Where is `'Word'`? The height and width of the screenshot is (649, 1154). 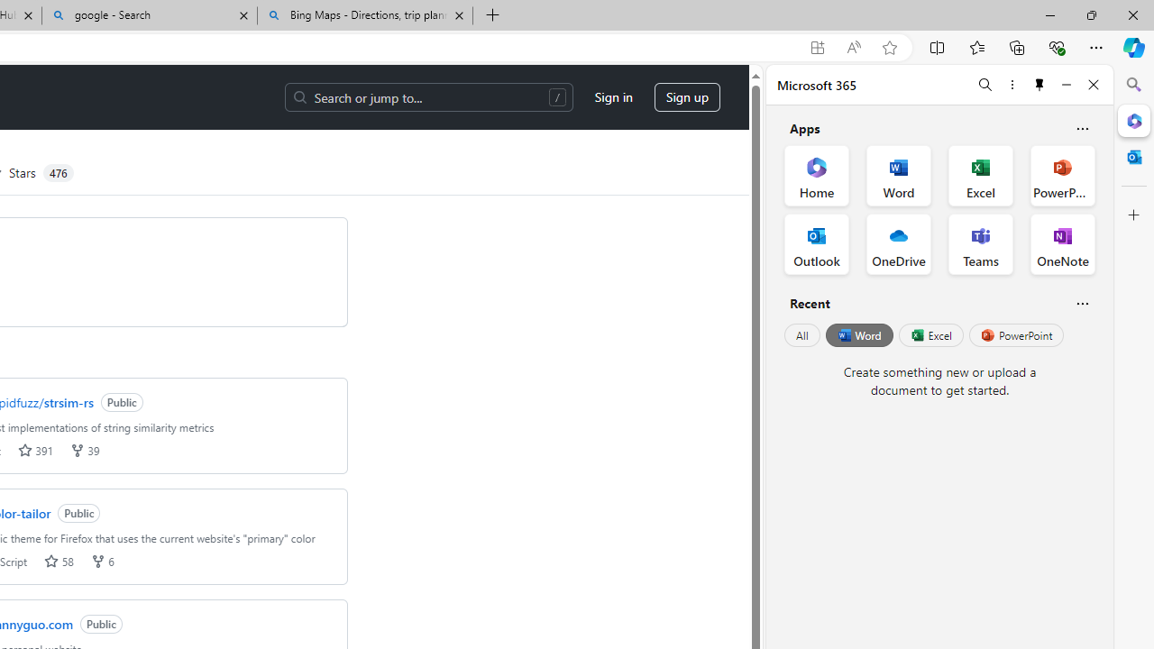
'Word' is located at coordinates (857, 335).